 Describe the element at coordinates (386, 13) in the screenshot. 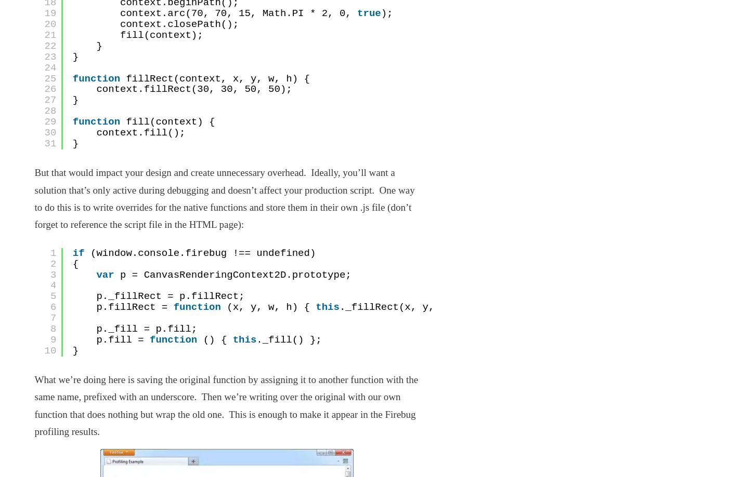

I see `');'` at that location.